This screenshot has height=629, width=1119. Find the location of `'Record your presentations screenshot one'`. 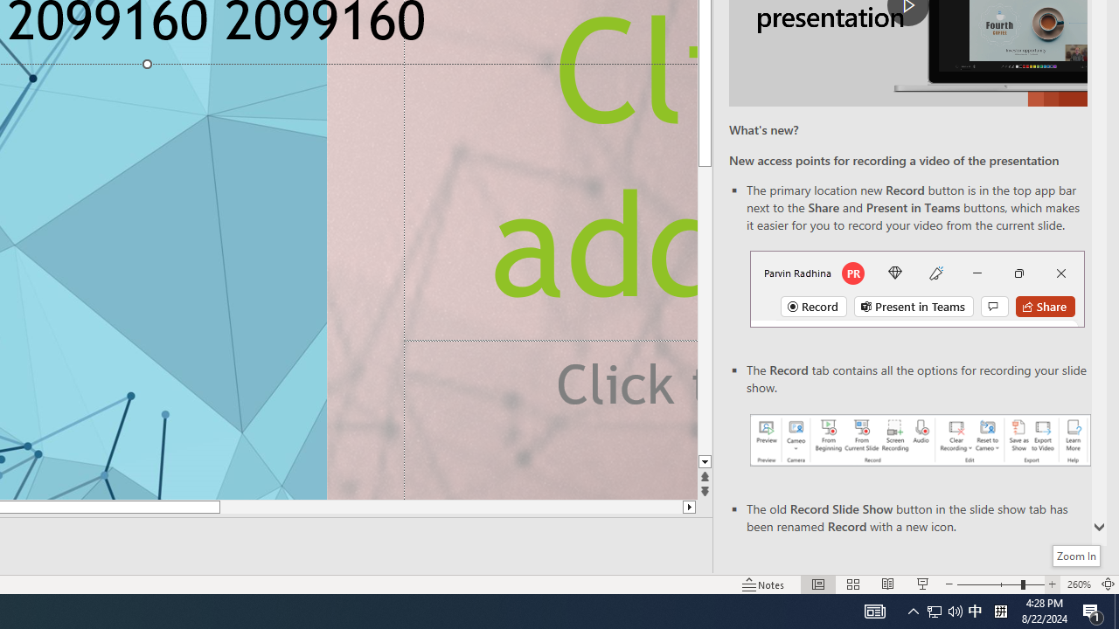

'Record your presentations screenshot one' is located at coordinates (919, 439).